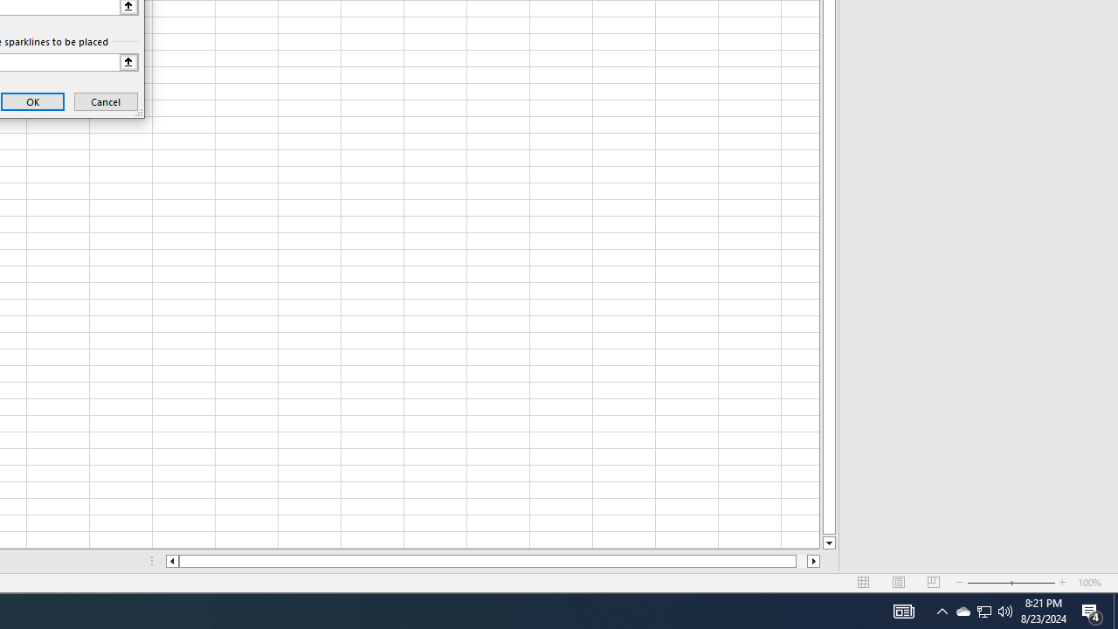 The image size is (1118, 629). What do you see at coordinates (1115, 610) in the screenshot?
I see `'Action Center, 4 new notifications'` at bounding box center [1115, 610].